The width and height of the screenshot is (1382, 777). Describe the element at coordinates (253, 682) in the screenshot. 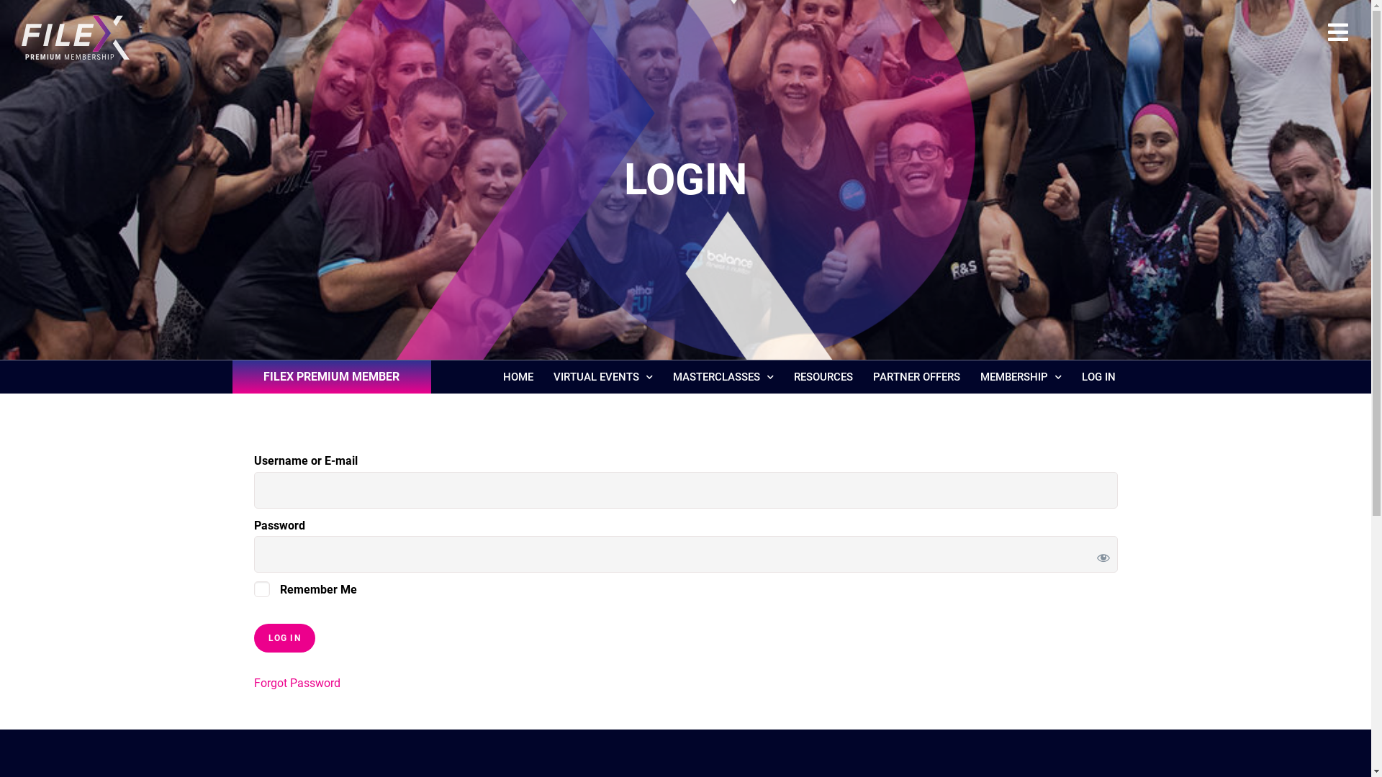

I see `'Forgot Password'` at that location.